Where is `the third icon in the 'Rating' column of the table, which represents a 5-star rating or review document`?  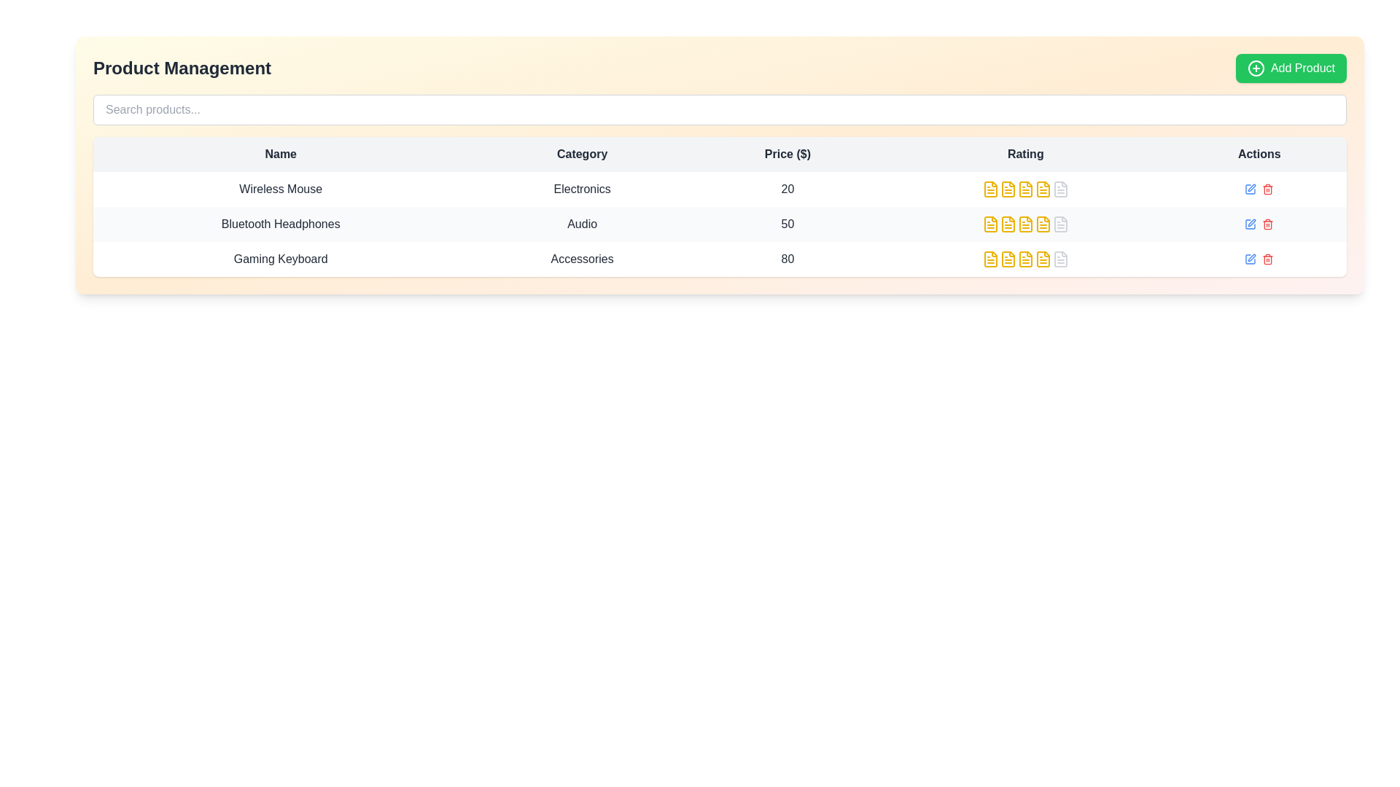 the third icon in the 'Rating' column of the table, which represents a 5-star rating or review document is located at coordinates (1007, 224).